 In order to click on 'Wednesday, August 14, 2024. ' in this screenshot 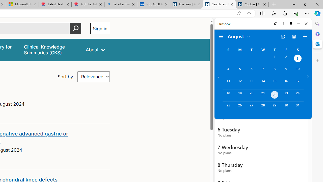, I will do `click(263, 83)`.